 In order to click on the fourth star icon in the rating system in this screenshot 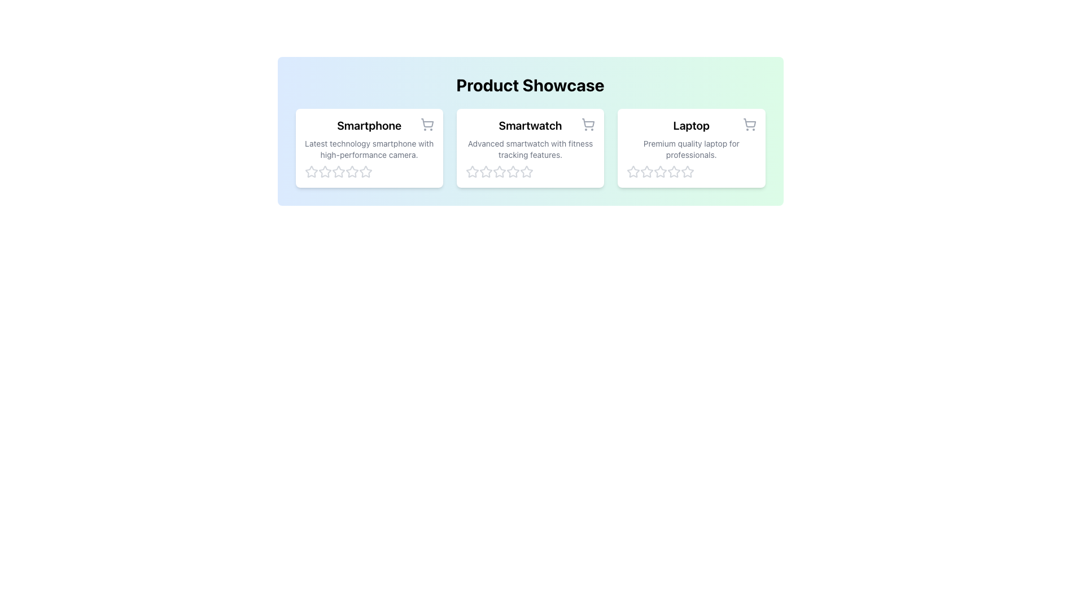, I will do `click(512, 171)`.